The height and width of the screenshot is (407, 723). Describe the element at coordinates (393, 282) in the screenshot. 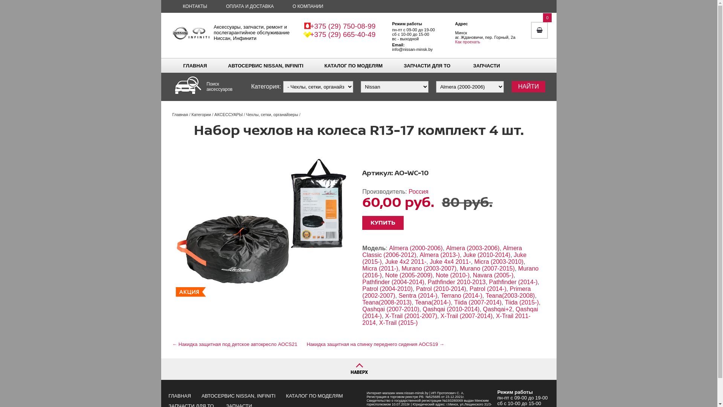

I see `'Pathfinder (2004-2014)'` at that location.